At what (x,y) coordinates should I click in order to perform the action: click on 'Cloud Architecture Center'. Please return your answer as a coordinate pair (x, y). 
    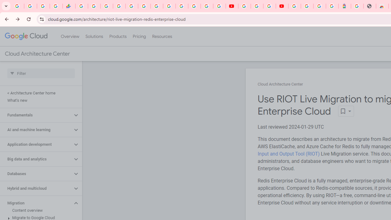
    Looking at the image, I should click on (280, 84).